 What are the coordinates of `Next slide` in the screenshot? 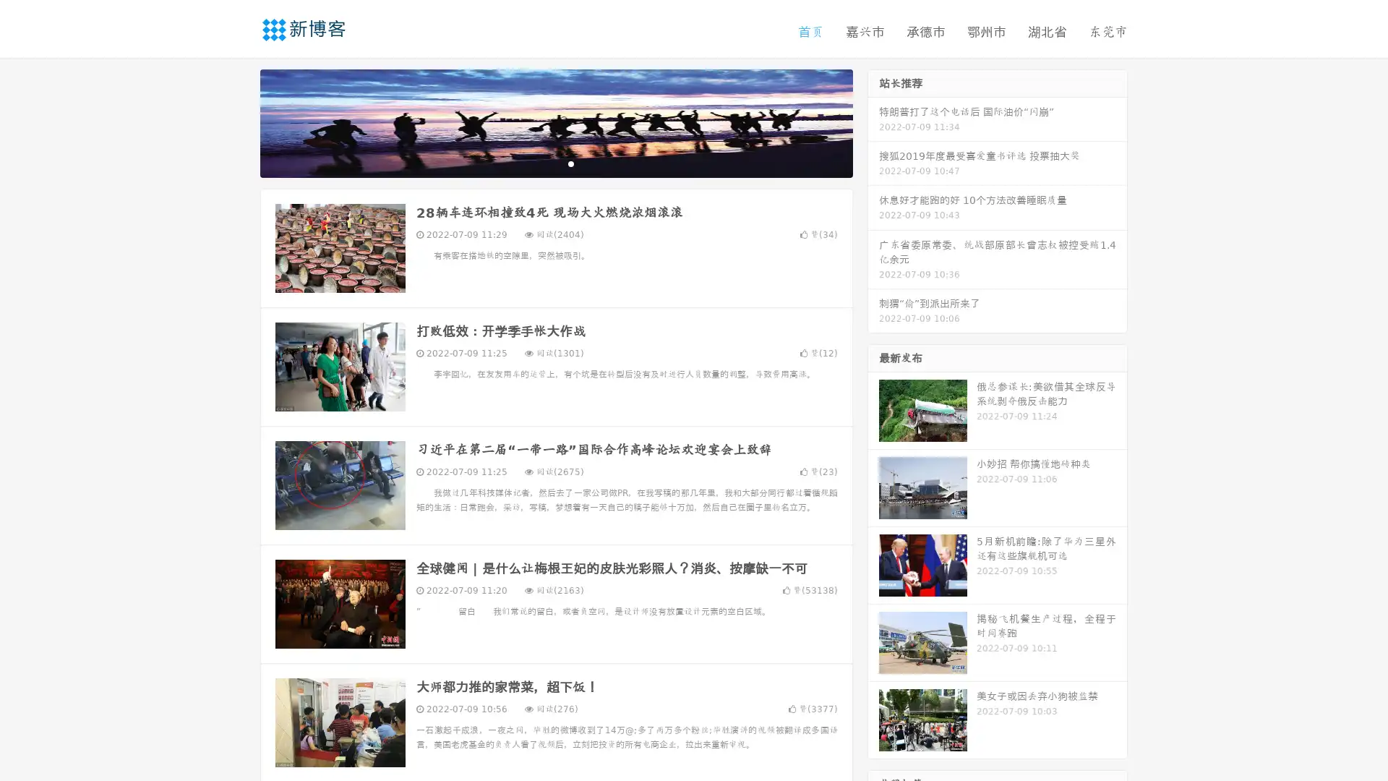 It's located at (873, 121).